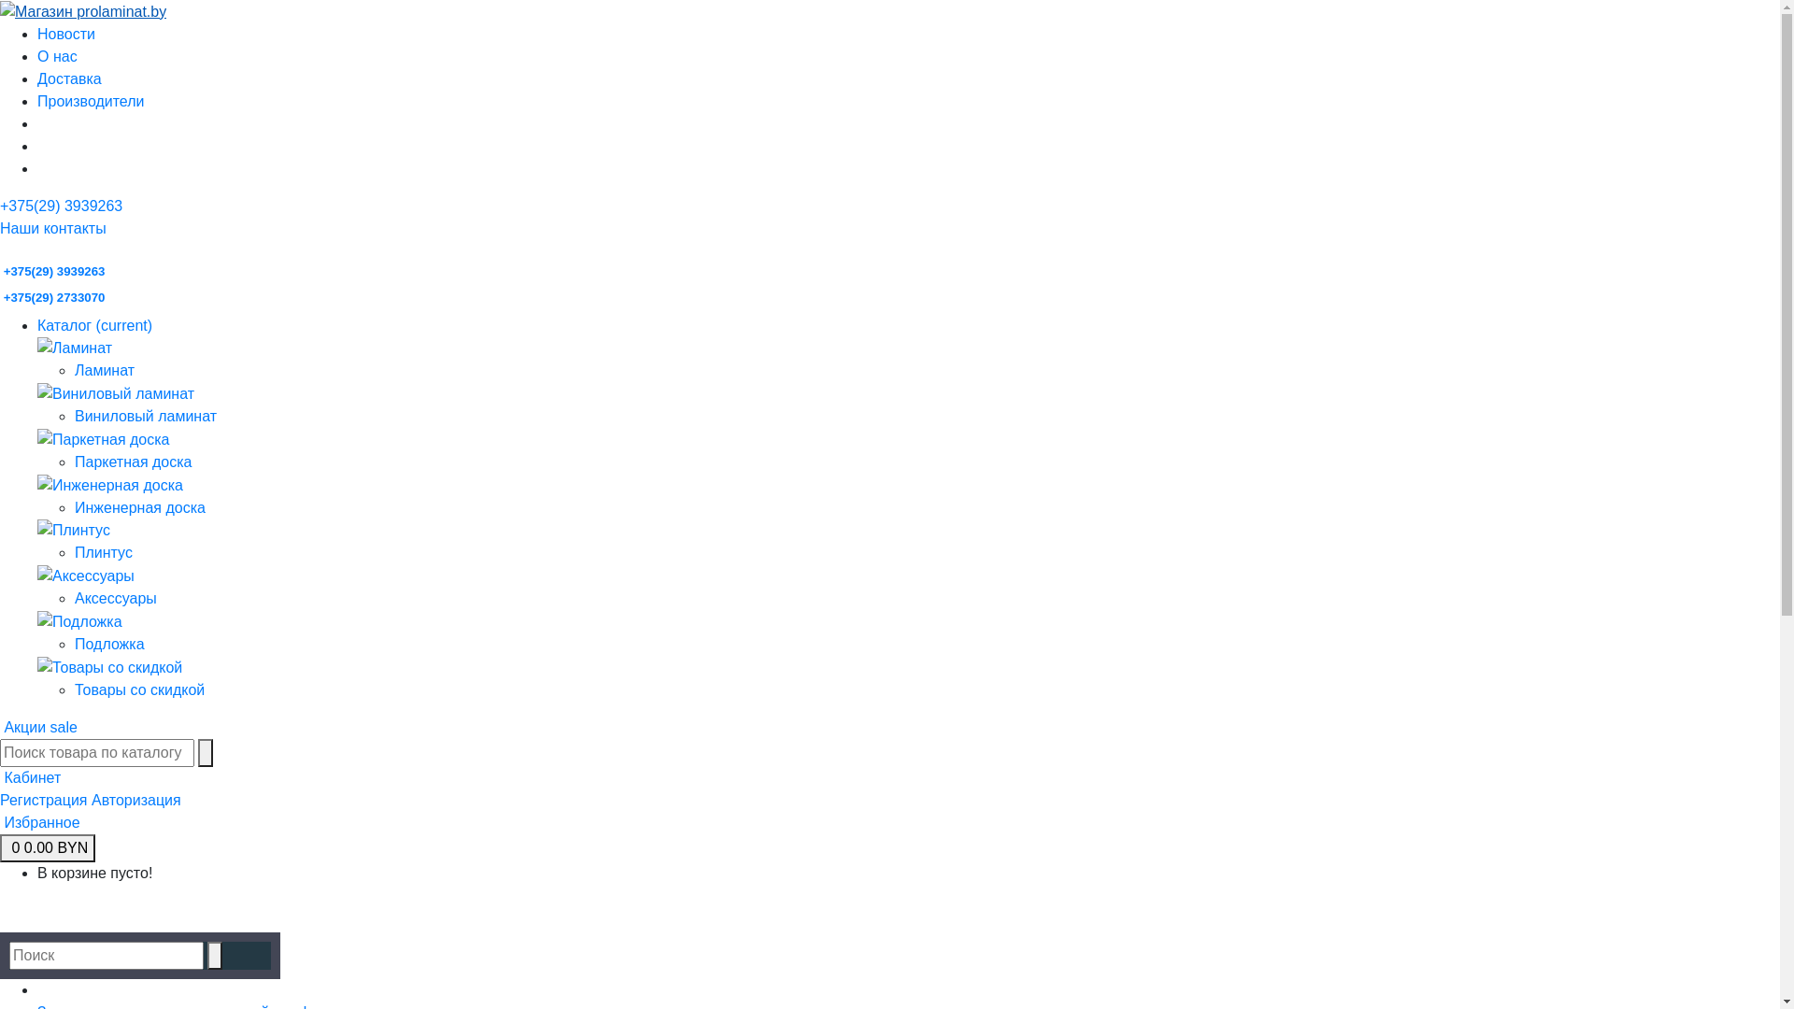 This screenshot has width=1794, height=1009. What do you see at coordinates (48, 847) in the screenshot?
I see `'0 0.00 BYN'` at bounding box center [48, 847].